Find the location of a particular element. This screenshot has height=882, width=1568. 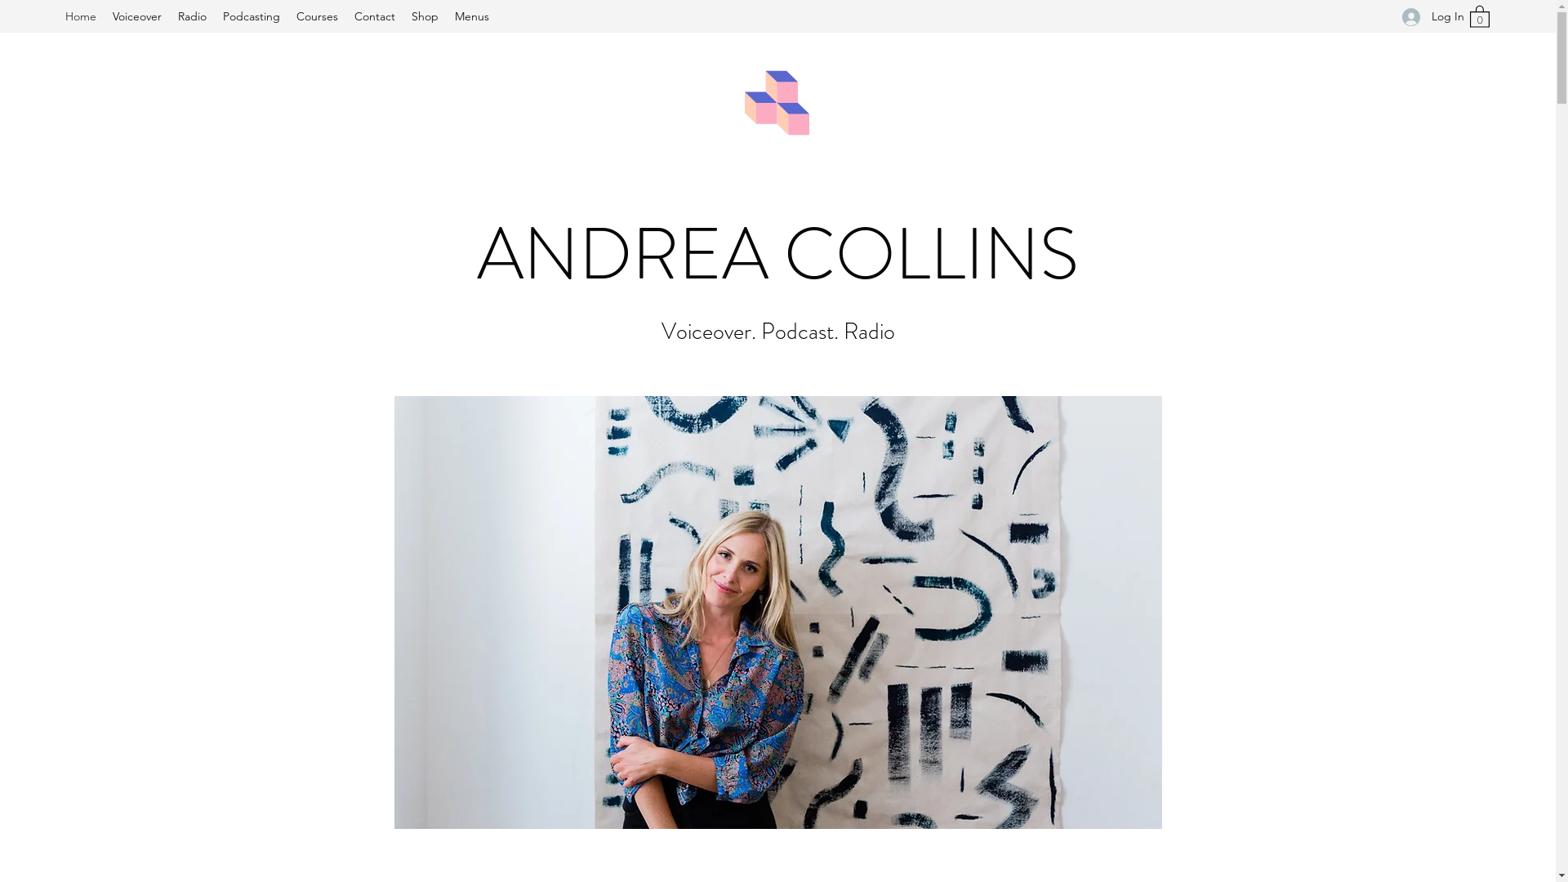

'Log In' is located at coordinates (1426, 16).